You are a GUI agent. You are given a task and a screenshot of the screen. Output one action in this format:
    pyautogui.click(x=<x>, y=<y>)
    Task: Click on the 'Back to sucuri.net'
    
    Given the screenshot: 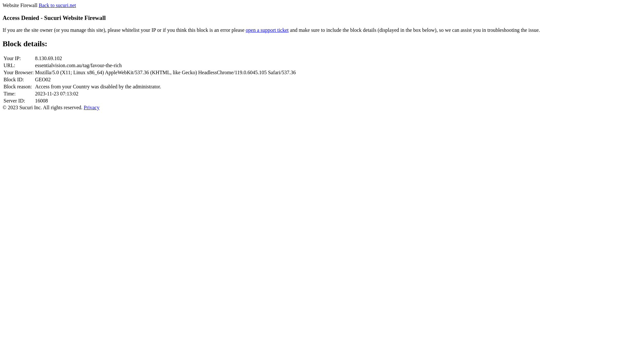 What is the action you would take?
    pyautogui.click(x=38, y=5)
    